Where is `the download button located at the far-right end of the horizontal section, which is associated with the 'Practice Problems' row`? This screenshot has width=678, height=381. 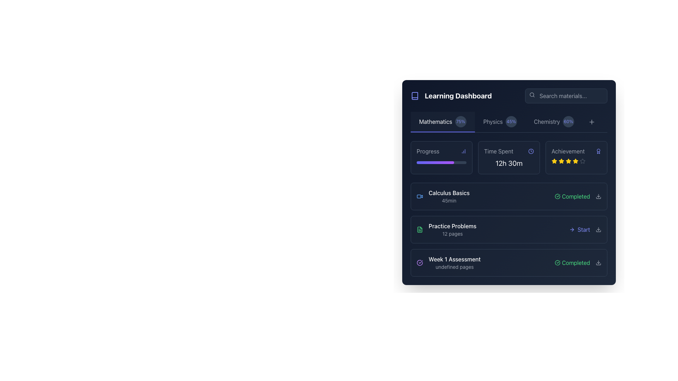
the download button located at the far-right end of the horizontal section, which is associated with the 'Practice Problems' row is located at coordinates (598, 230).